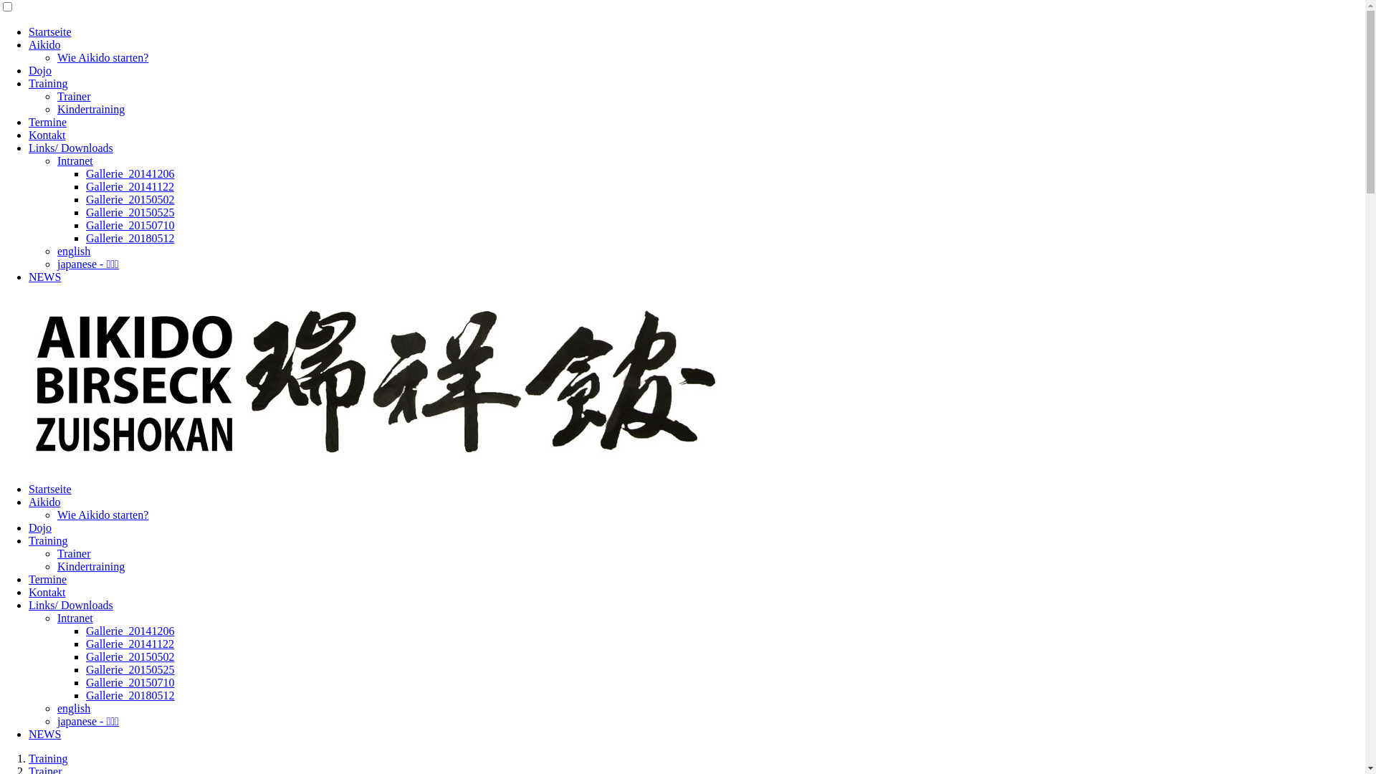 This screenshot has width=1376, height=774. I want to click on 'Wie Aikido starten?', so click(102, 514).